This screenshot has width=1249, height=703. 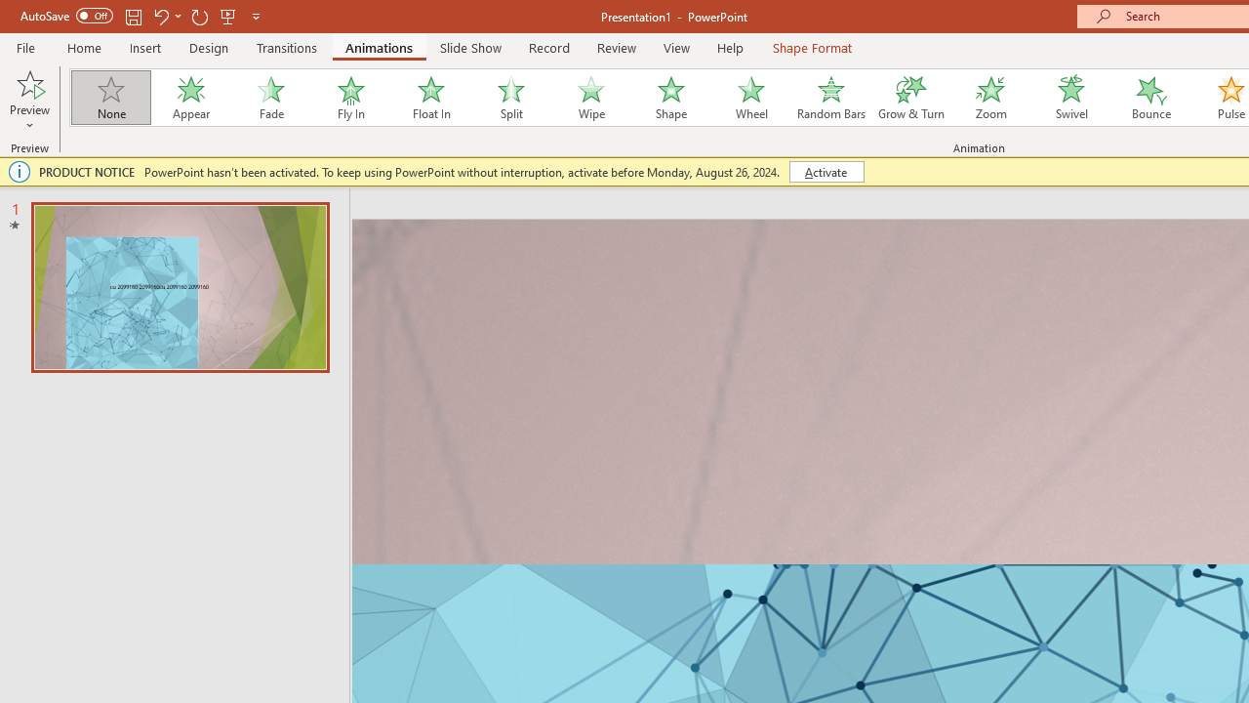 What do you see at coordinates (910, 98) in the screenshot?
I see `'Grow & Turn'` at bounding box center [910, 98].